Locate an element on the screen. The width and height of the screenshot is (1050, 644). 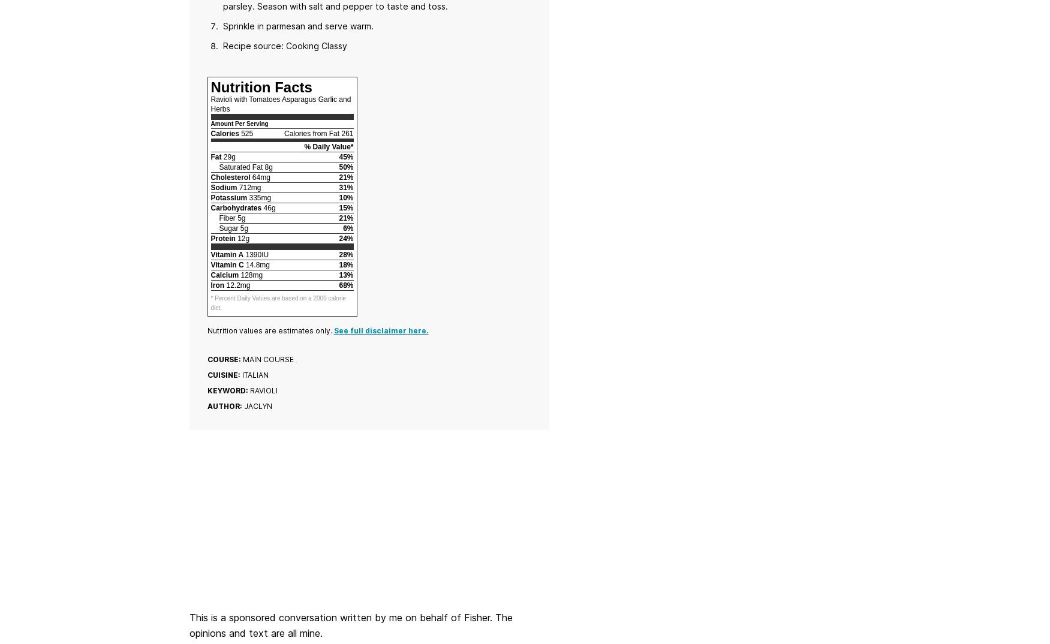
'This is a sponsored conversation written by me on behalf of Fisher. The opinions and text are all mine.' is located at coordinates (350, 625).